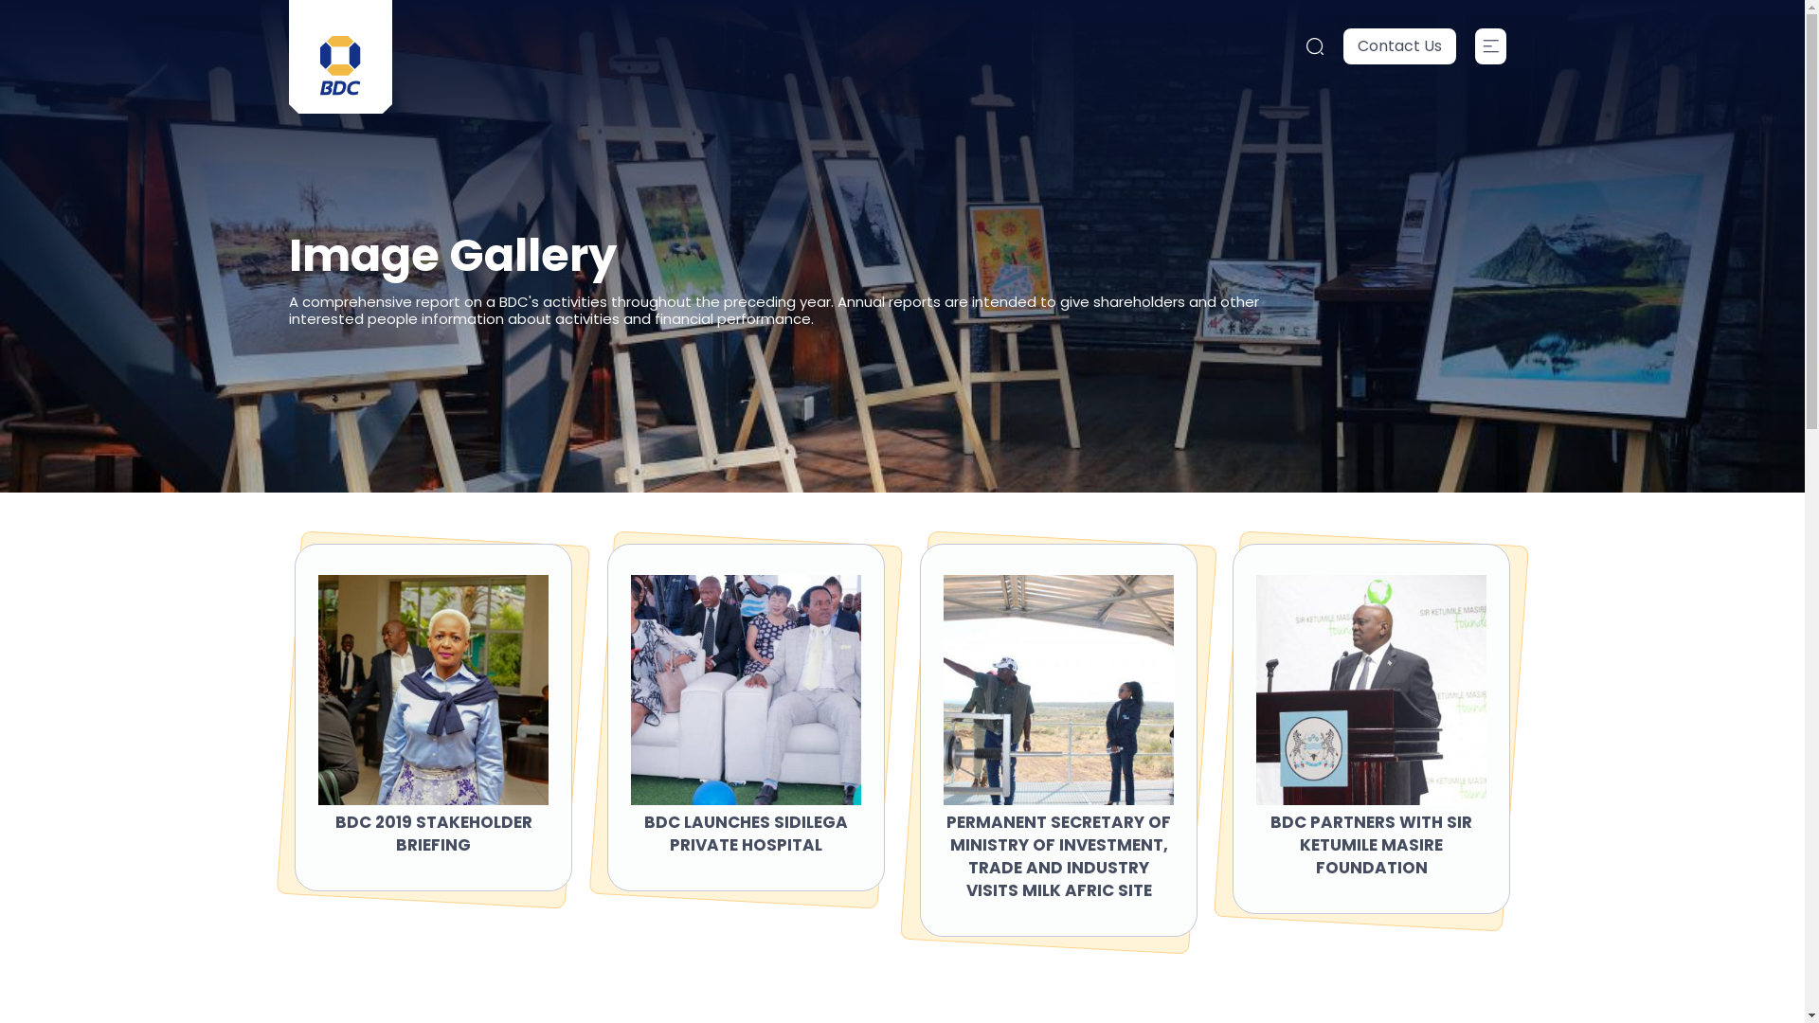 This screenshot has width=1819, height=1023. Describe the element at coordinates (1399, 45) in the screenshot. I see `'Contact Us'` at that location.